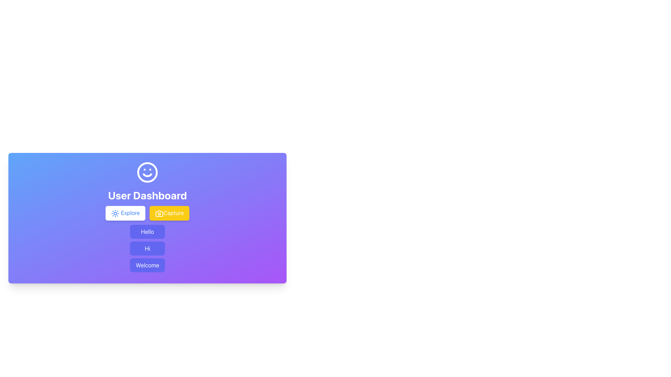 This screenshot has width=671, height=377. What do you see at coordinates (147, 172) in the screenshot?
I see `the SVG circle that serves as the structural base for the smiley face, located above the 'User Dashboard' label` at bounding box center [147, 172].